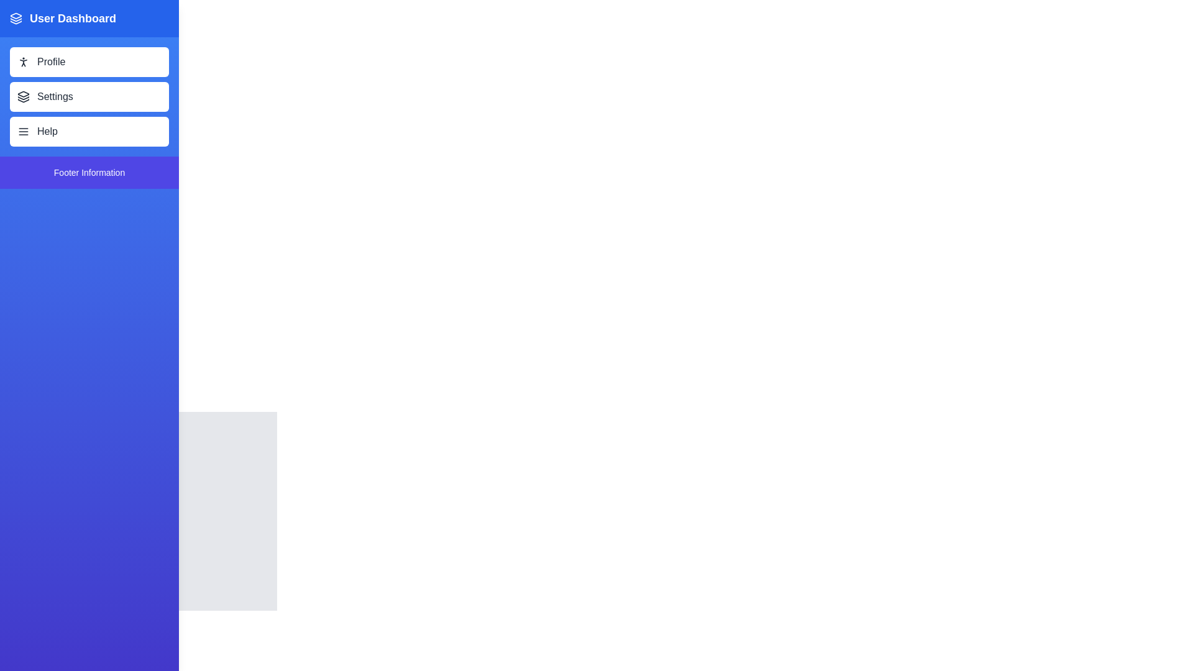 This screenshot has height=671, width=1193. Describe the element at coordinates (24, 100) in the screenshot. I see `the decorative vector graphic element that resembles the bottom layer of a stack icon, located to the left of the 'Settings' menu item in the vertical navigation bar` at that location.